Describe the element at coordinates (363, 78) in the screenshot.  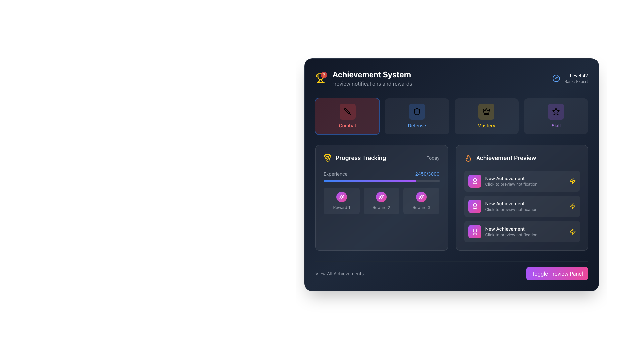
I see `the Header with a notification indicator that displays new notifications related to the Achievement System, located in the upper-left section of the interface` at that location.